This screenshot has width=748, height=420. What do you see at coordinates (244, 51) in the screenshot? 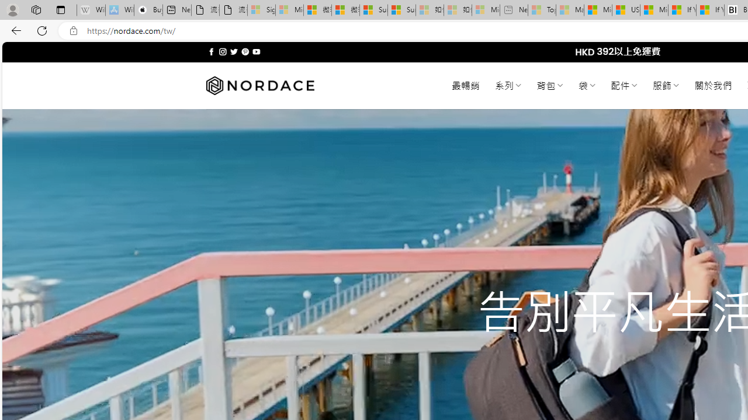
I see `'Follow on Pinterest'` at bounding box center [244, 51].